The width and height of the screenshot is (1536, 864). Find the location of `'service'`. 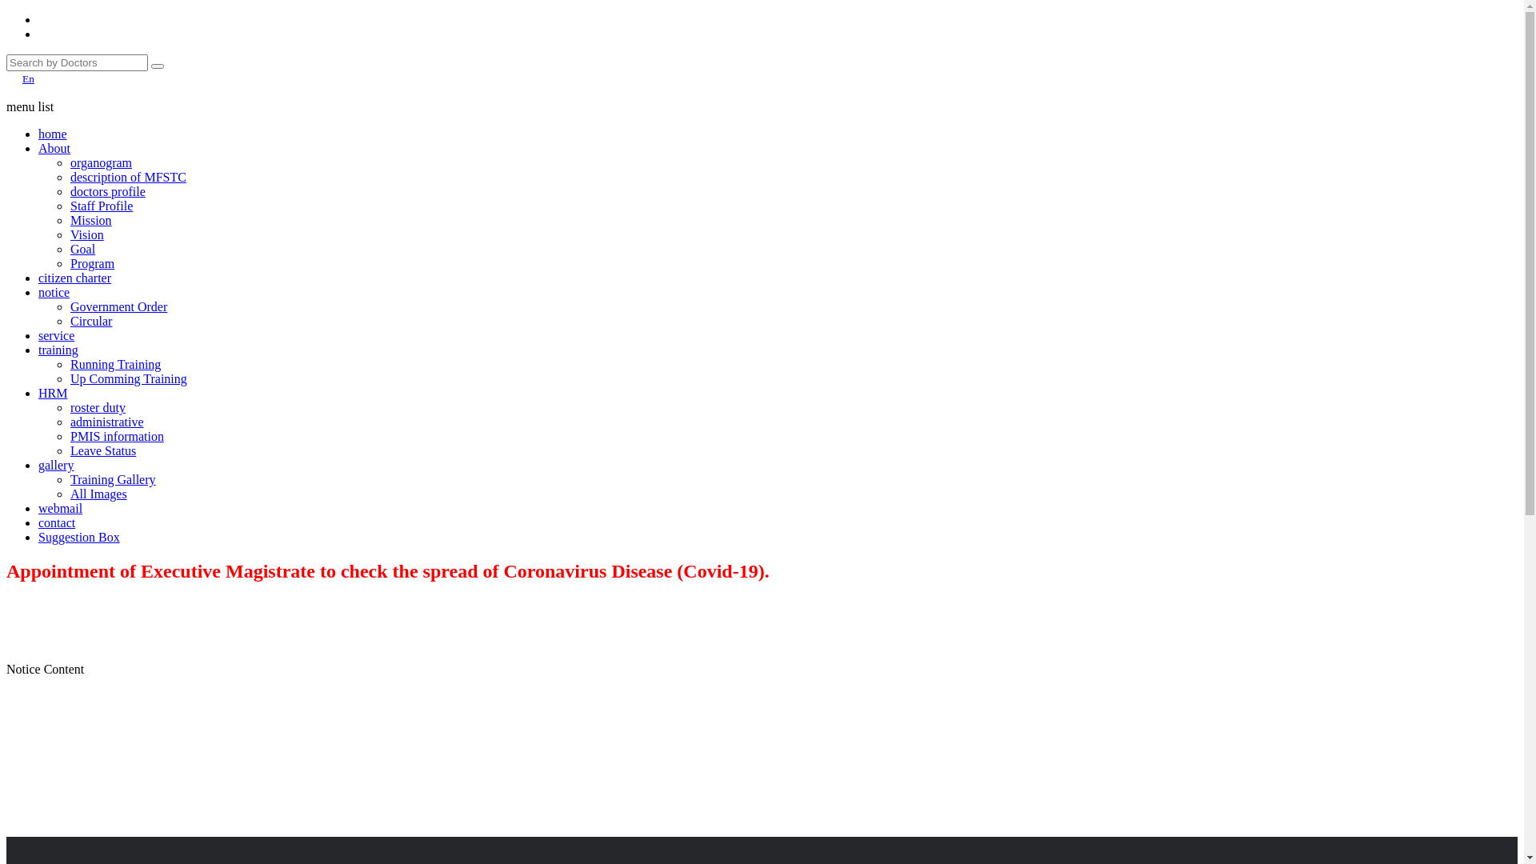

'service' is located at coordinates (56, 334).